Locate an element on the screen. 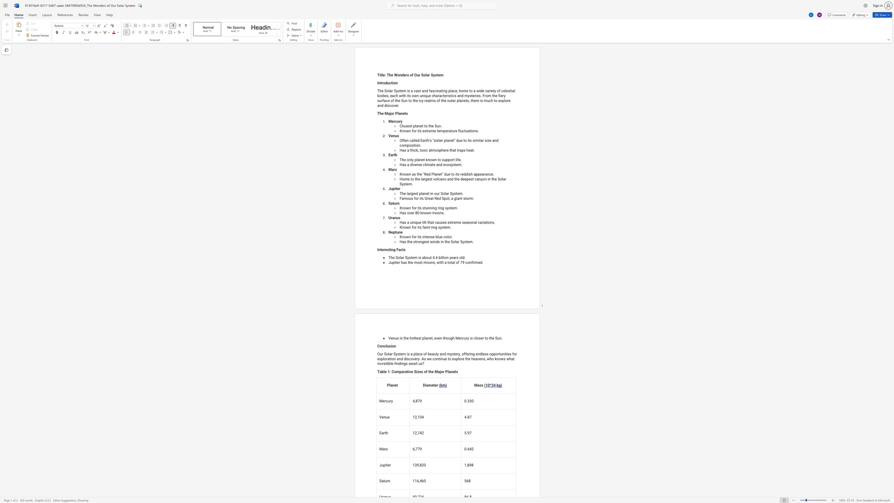  the 1th character "u" in the text is located at coordinates (388, 346).